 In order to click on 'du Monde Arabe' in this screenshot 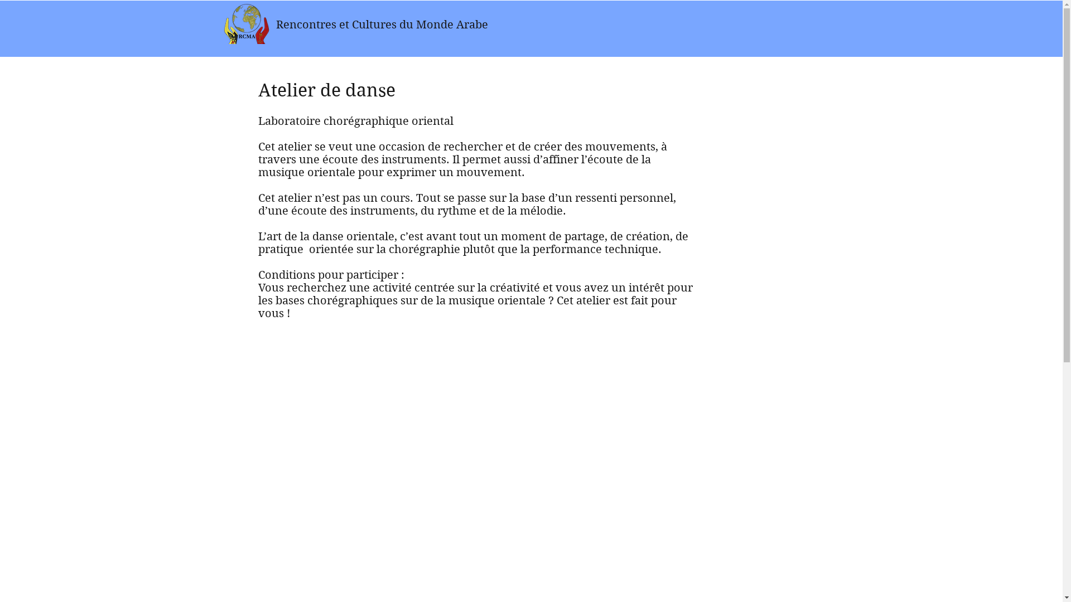, I will do `click(443, 25)`.